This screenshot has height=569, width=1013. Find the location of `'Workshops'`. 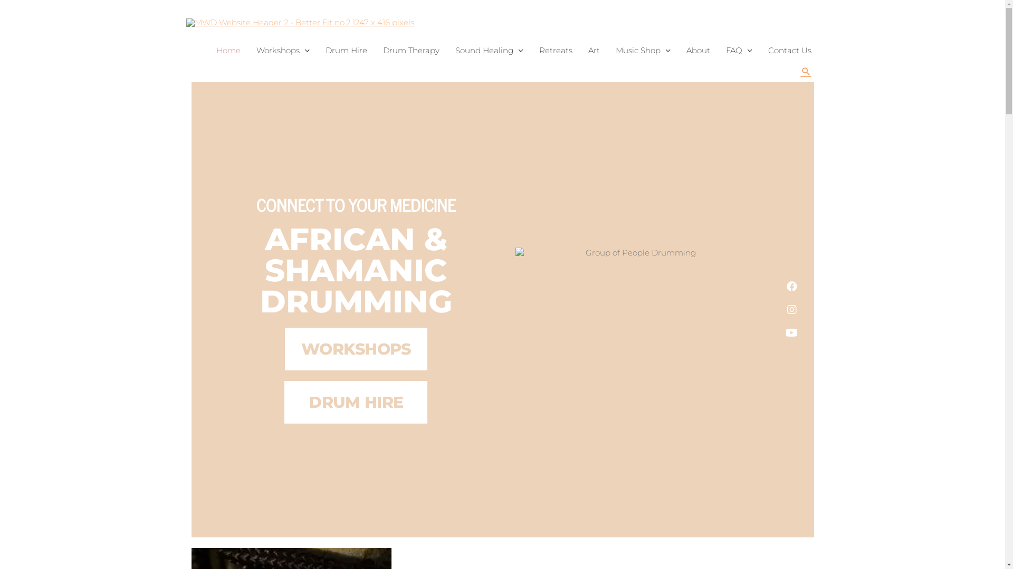

'Workshops' is located at coordinates (282, 51).